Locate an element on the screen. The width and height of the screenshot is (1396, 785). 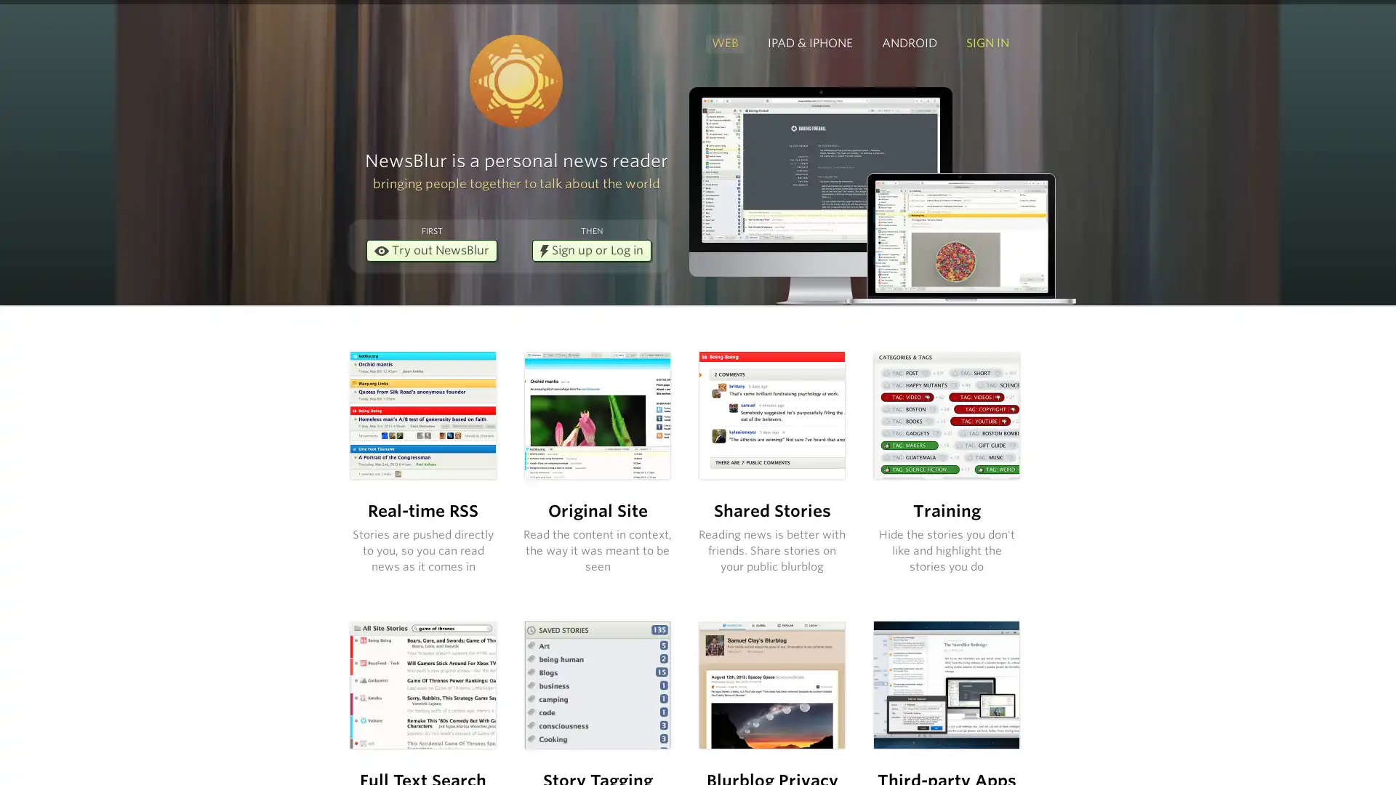
create account is located at coordinates (934, 451).